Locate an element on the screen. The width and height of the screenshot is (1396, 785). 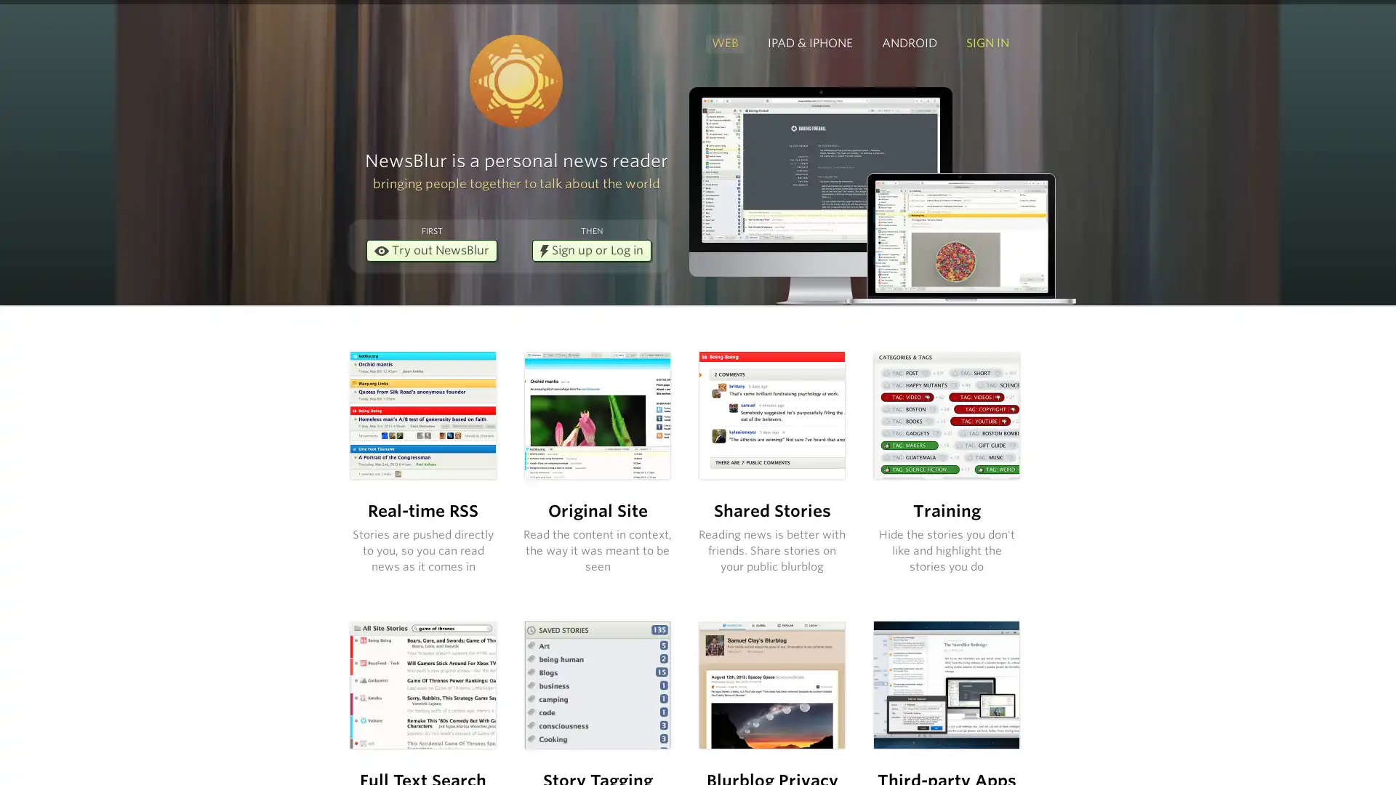
create account is located at coordinates (934, 451).